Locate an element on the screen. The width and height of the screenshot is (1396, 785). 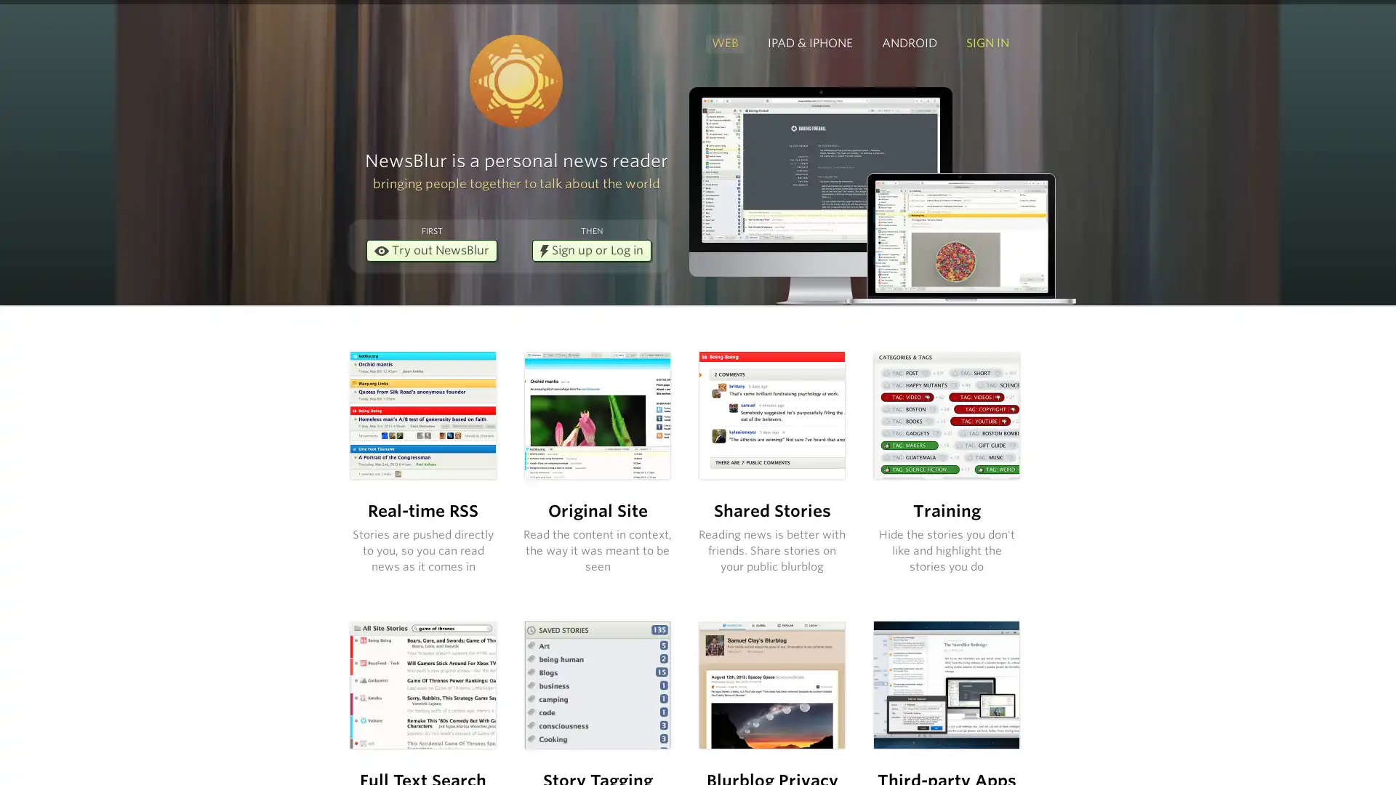
create account is located at coordinates (934, 451).